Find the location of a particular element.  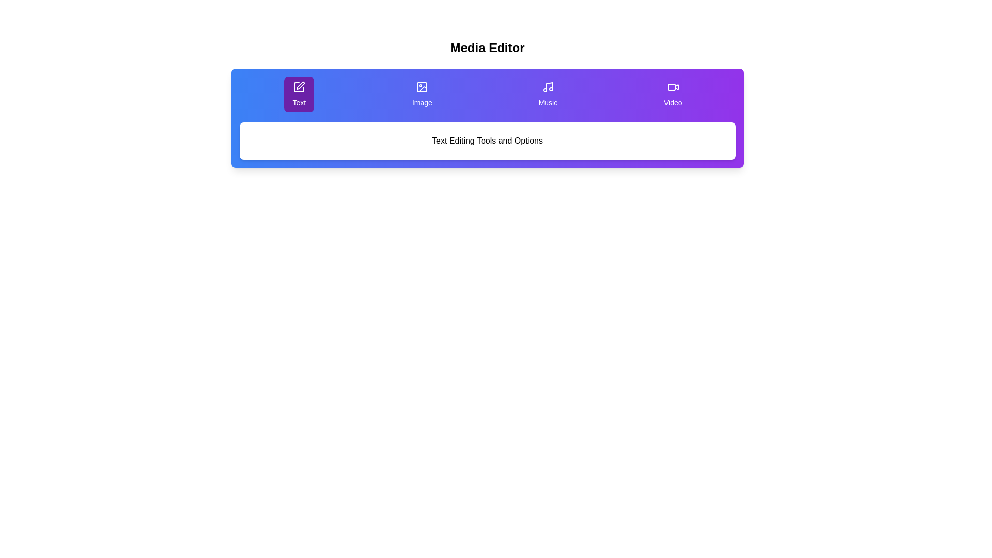

the first button from the left in the horizontal navigation bar is located at coordinates (299, 94).